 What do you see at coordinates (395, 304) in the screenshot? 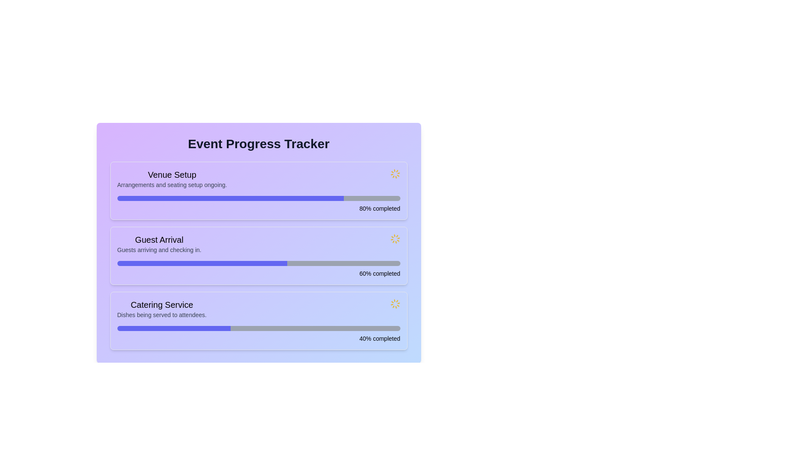
I see `the spinning yellow Animation Icon located in the 'Catering Service' section of the progress tracker interface, adjacent to the progress bar` at bounding box center [395, 304].